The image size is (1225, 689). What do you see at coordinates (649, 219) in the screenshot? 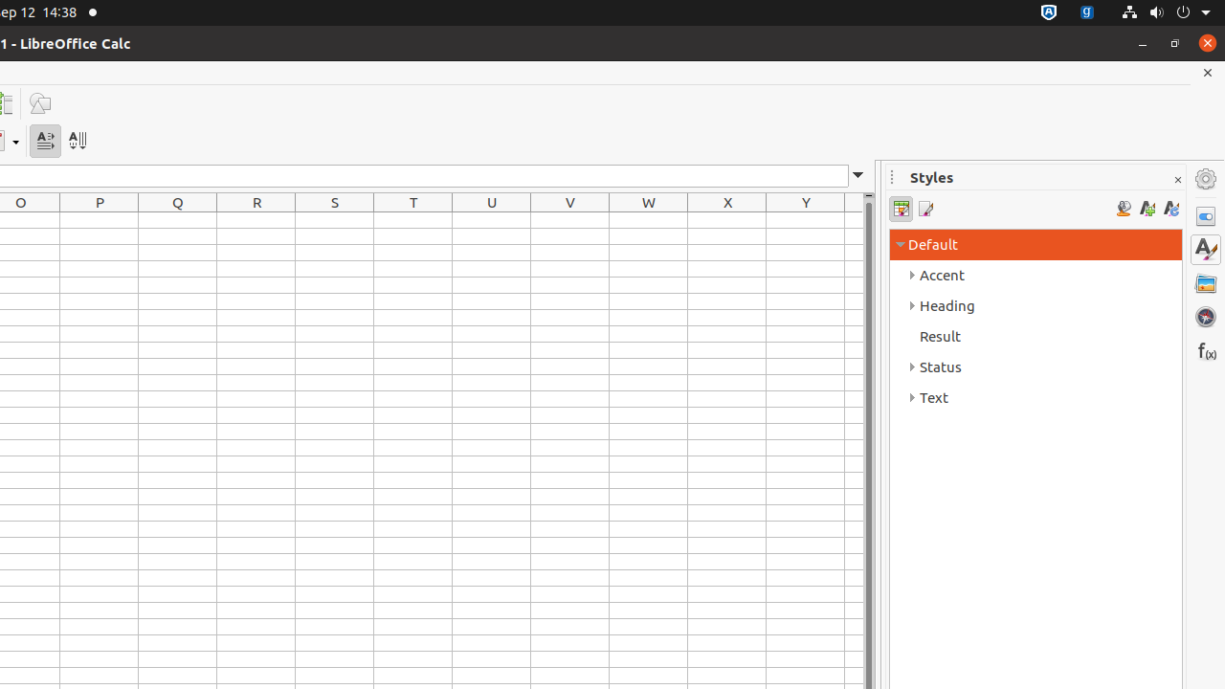
I see `'W1'` at bounding box center [649, 219].